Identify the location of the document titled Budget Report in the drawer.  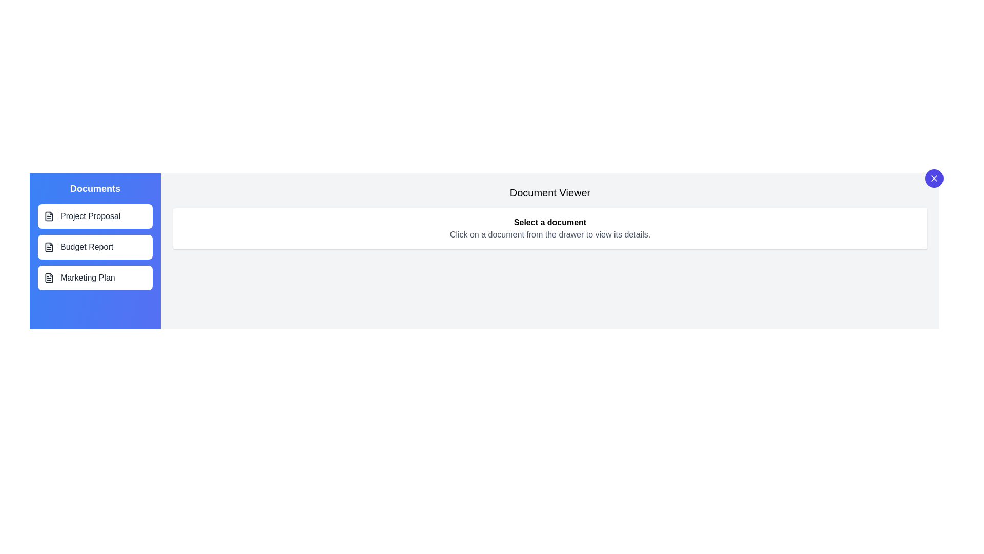
(95, 247).